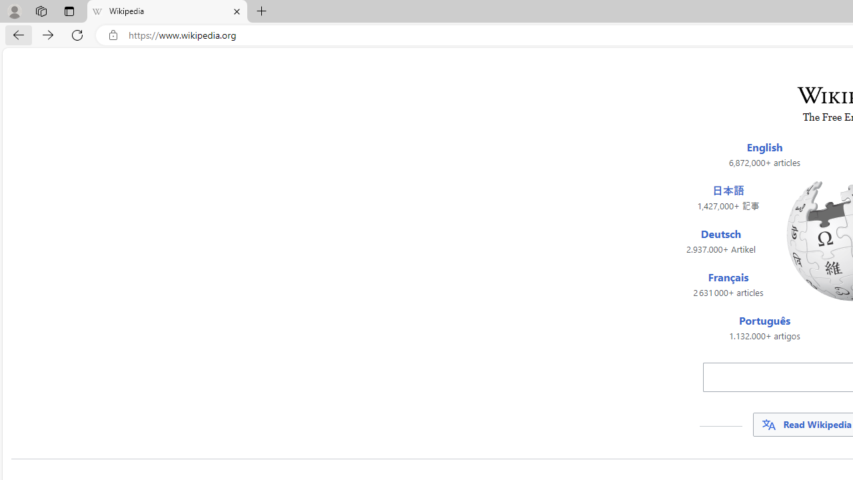 The width and height of the screenshot is (853, 480). What do you see at coordinates (48, 34) in the screenshot?
I see `'Forward'` at bounding box center [48, 34].